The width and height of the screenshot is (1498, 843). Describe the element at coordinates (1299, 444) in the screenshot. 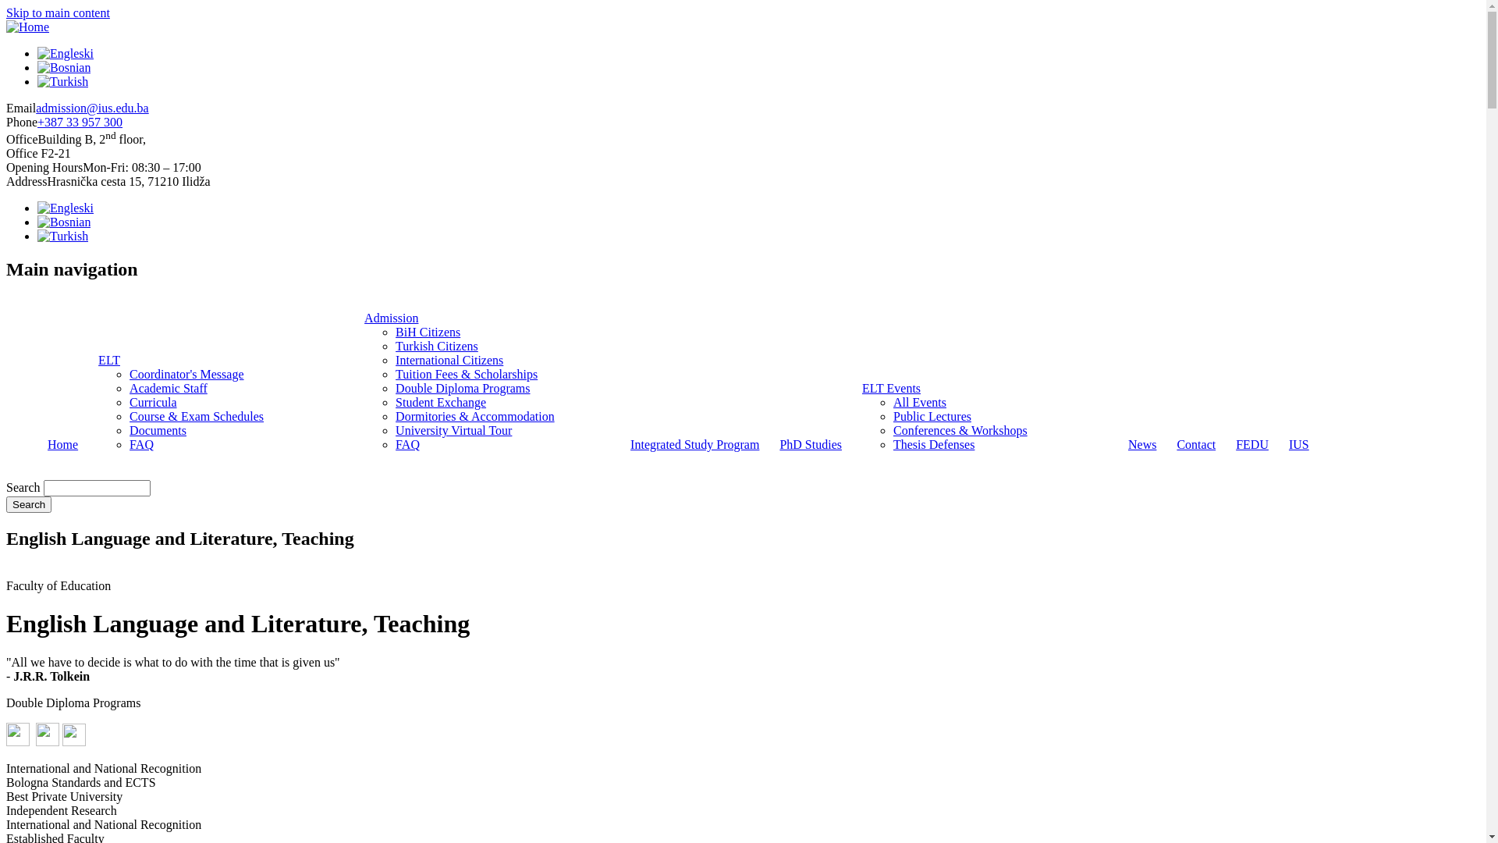

I see `'IUS'` at that location.